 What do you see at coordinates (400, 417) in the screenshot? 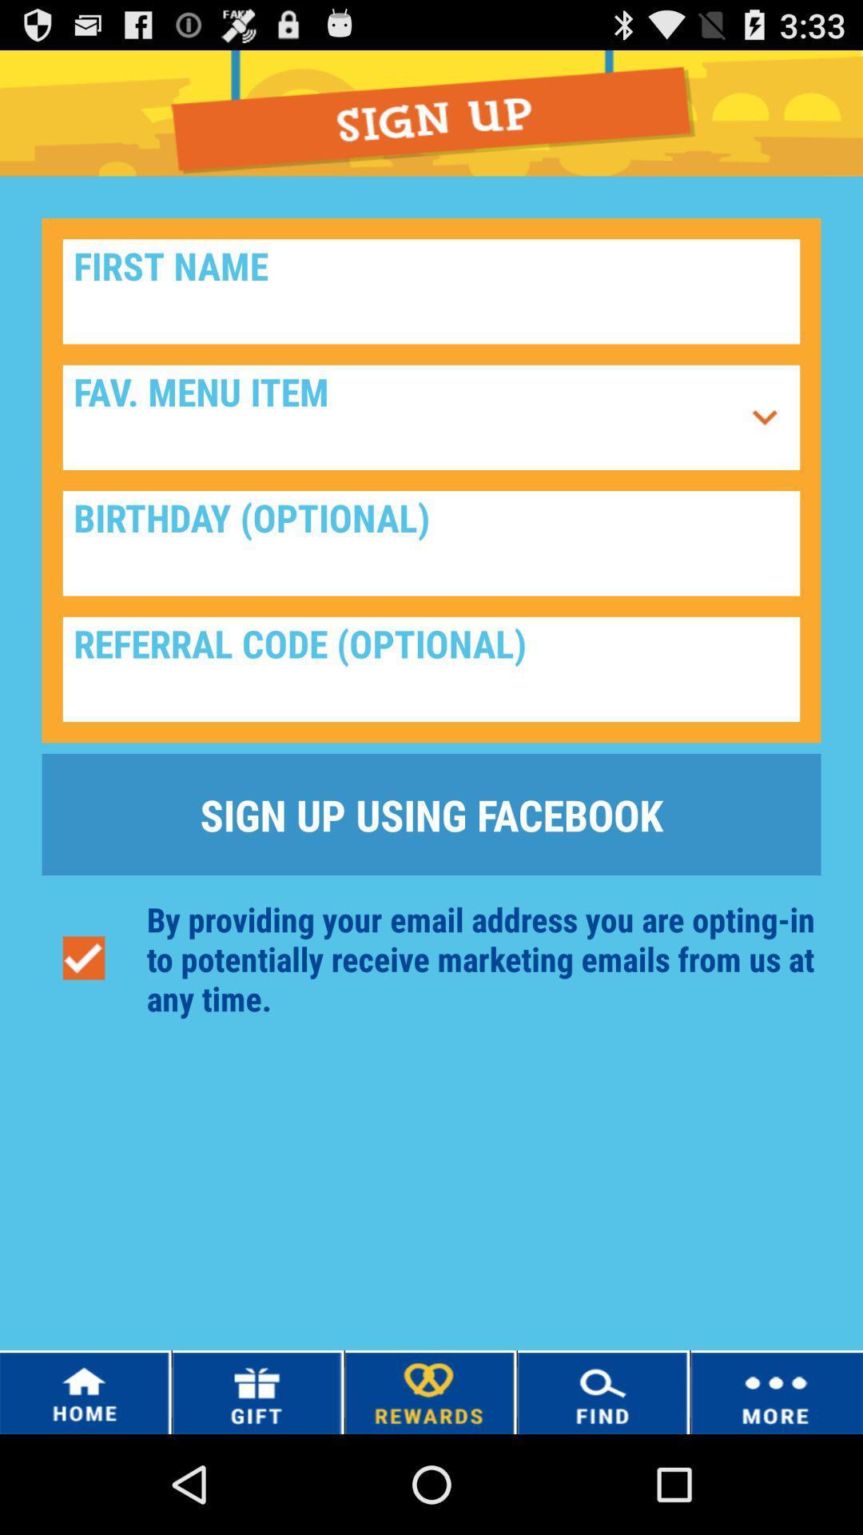
I see `click fav.menu item` at bounding box center [400, 417].